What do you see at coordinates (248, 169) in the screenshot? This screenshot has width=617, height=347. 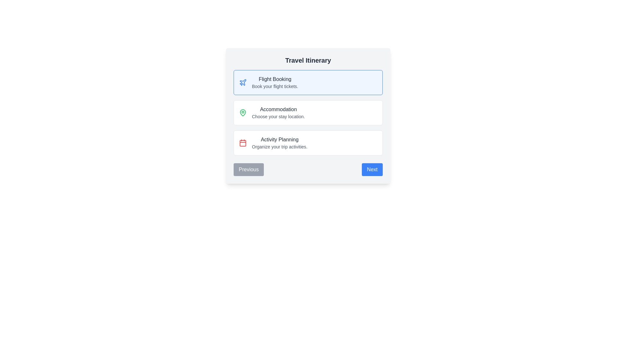 I see `the 'Previous' button, which has a gray background and white text` at bounding box center [248, 169].